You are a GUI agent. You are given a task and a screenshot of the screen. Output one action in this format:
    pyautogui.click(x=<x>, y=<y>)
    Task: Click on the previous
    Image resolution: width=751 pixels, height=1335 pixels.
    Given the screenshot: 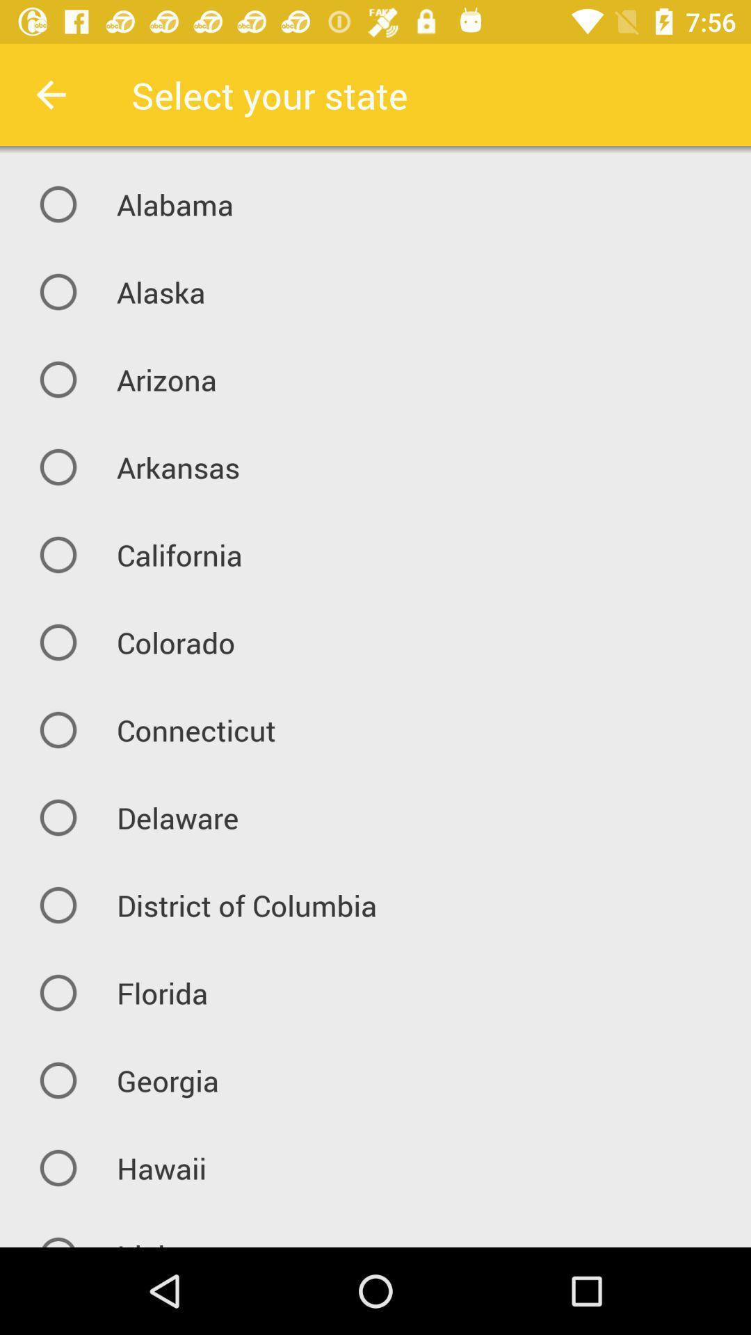 What is the action you would take?
    pyautogui.click(x=50, y=94)
    